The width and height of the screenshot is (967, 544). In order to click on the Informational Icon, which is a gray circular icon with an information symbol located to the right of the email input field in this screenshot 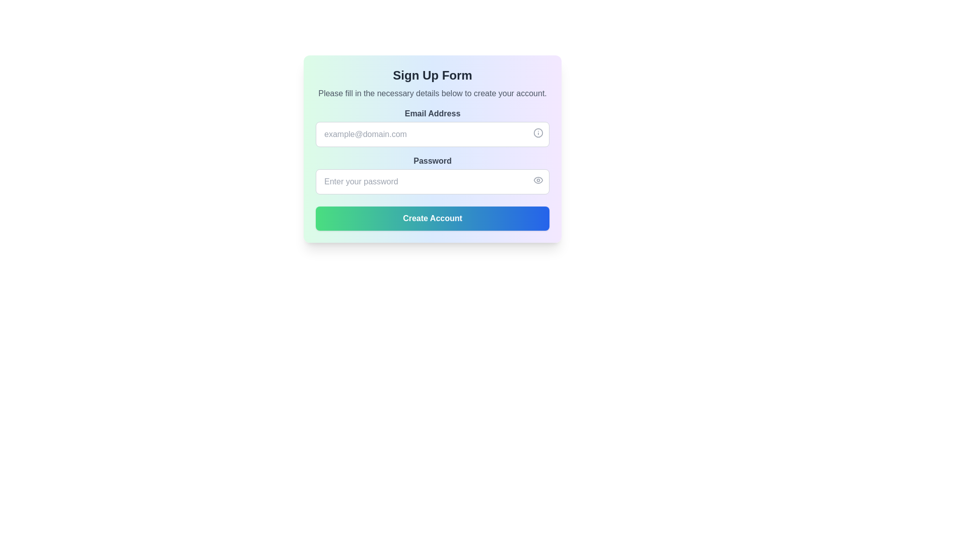, I will do `click(538, 132)`.